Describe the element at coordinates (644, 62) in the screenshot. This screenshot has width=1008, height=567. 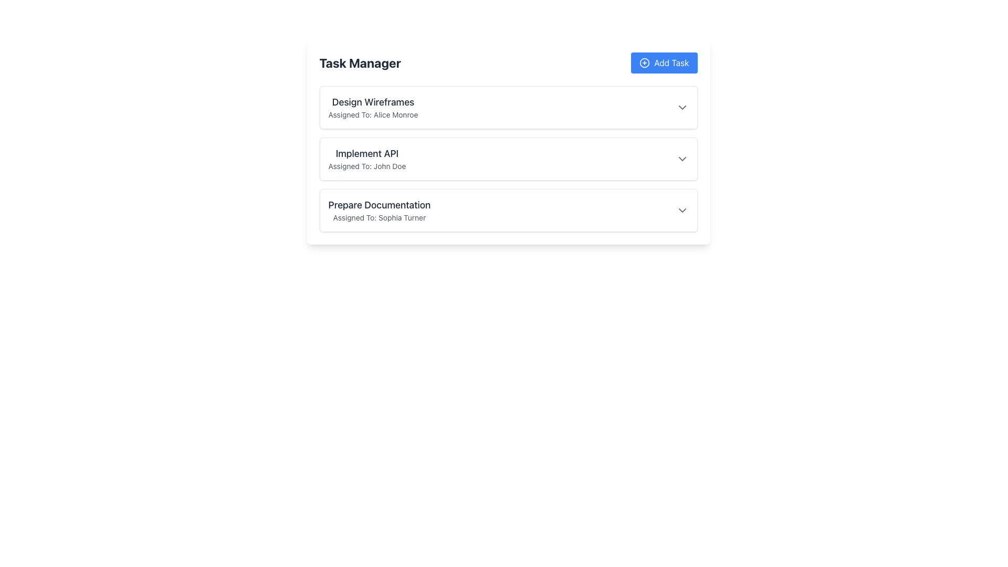
I see `the icon positioned to the left of the 'Add Task' button's text label, which symbolizes the function of adding a new task` at that location.